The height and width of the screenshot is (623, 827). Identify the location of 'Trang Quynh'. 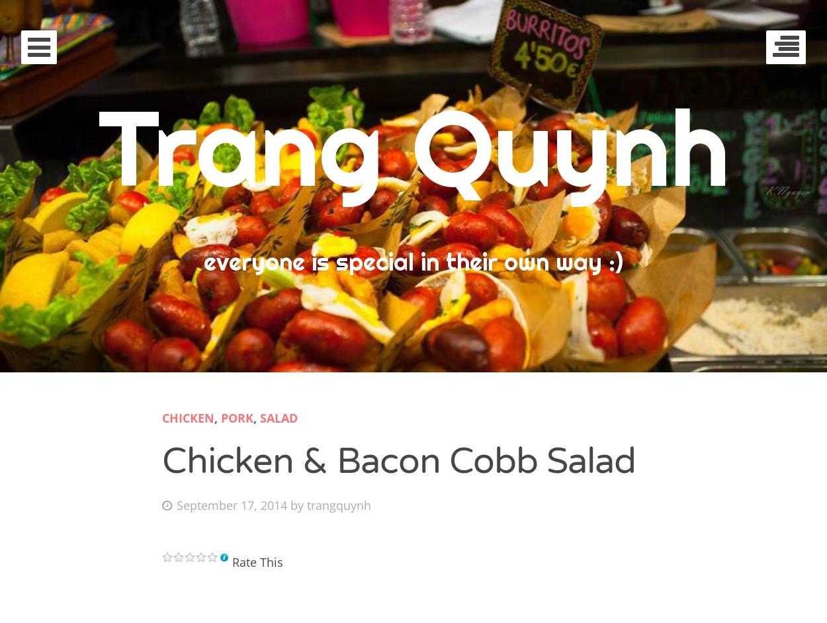
(412, 147).